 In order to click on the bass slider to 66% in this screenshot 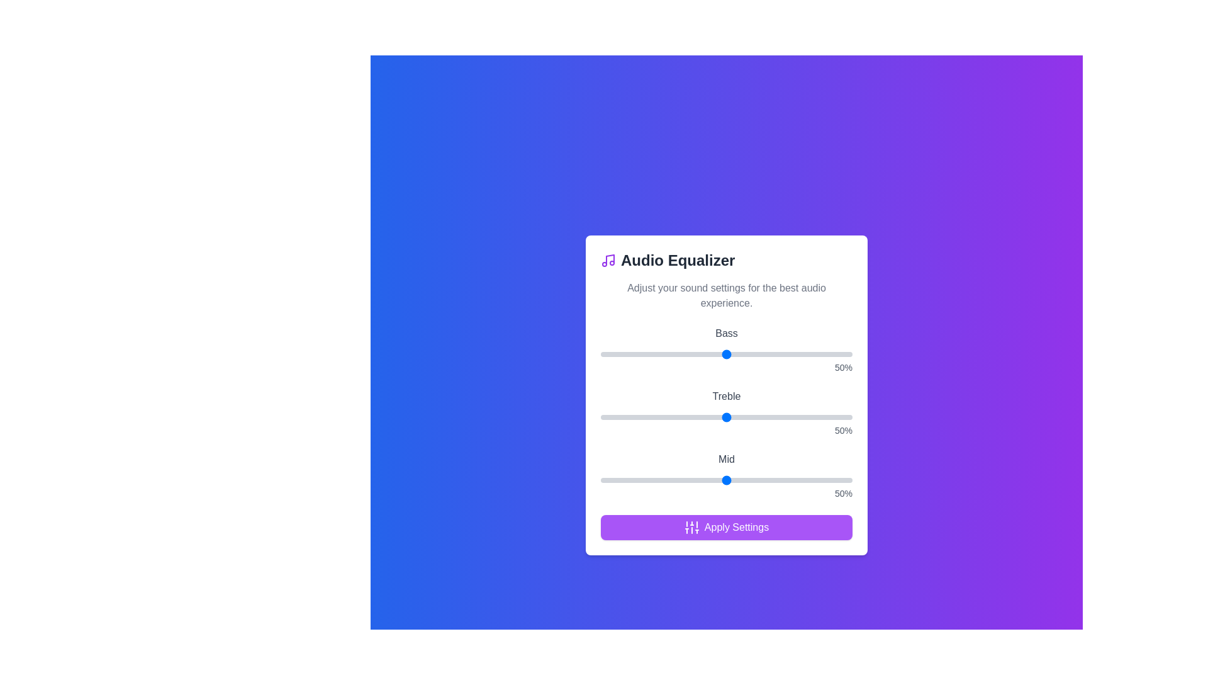, I will do `click(766, 354)`.